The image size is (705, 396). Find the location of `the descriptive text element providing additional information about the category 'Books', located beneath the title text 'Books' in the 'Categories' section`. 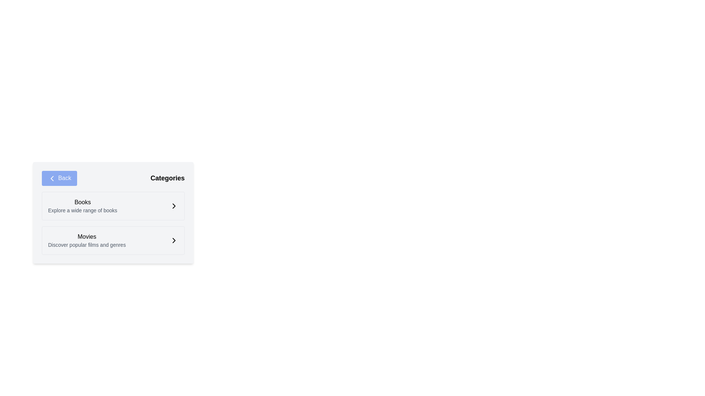

the descriptive text element providing additional information about the category 'Books', located beneath the title text 'Books' in the 'Categories' section is located at coordinates (83, 210).